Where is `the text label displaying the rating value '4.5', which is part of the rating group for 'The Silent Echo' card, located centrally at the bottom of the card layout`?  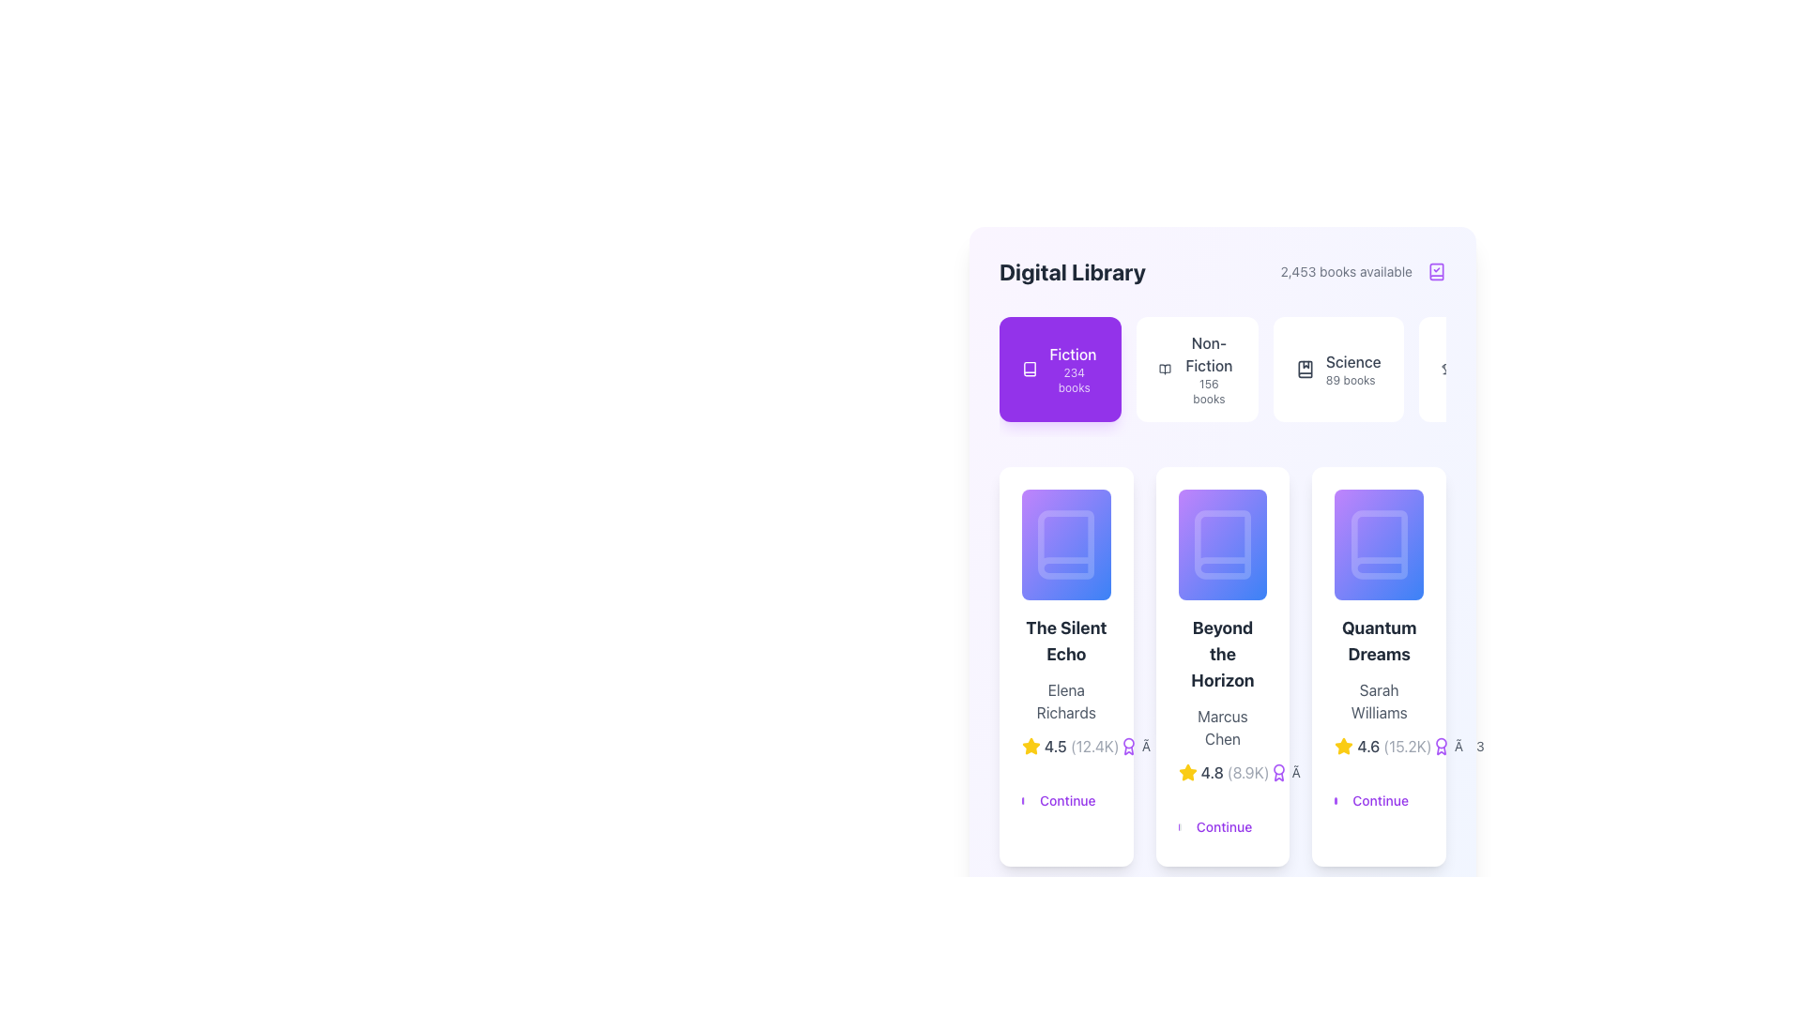
the text label displaying the rating value '4.5', which is part of the rating group for 'The Silent Echo' card, located centrally at the bottom of the card layout is located at coordinates (1055, 746).